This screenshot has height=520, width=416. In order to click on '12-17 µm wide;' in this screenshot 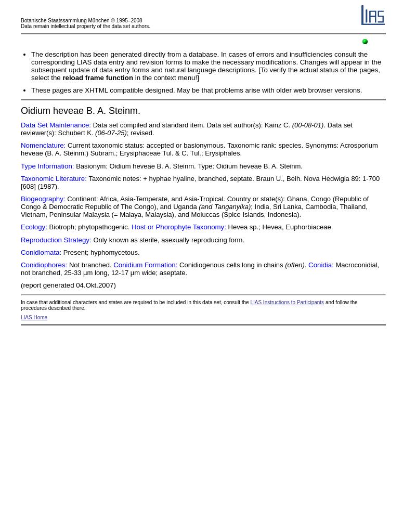, I will do `click(110, 272)`.